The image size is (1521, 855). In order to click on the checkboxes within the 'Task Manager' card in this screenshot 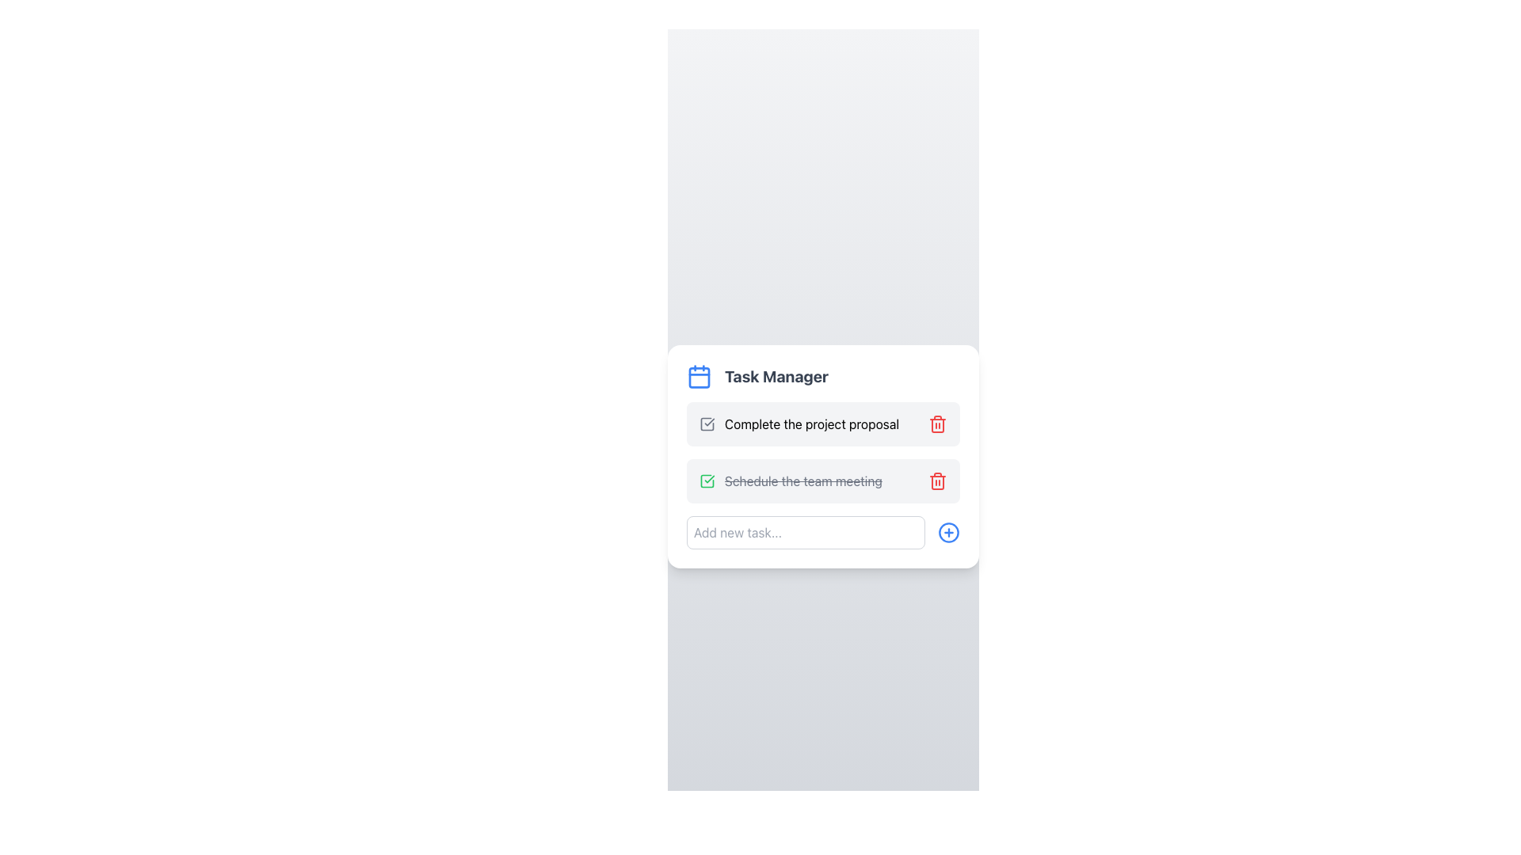, I will do `click(823, 457)`.